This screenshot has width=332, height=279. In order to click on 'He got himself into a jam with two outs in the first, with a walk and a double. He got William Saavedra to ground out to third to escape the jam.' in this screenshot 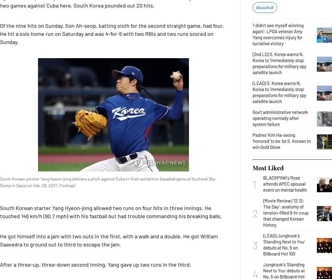, I will do `click(109, 240)`.